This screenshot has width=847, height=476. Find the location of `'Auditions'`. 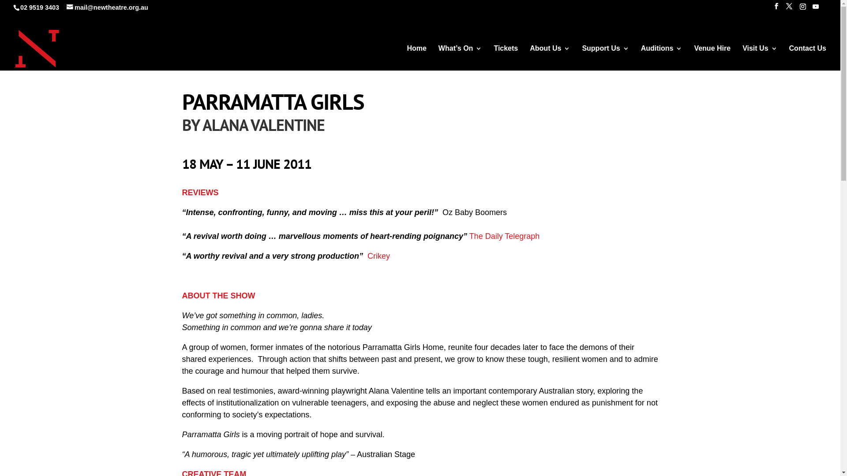

'Auditions' is located at coordinates (661, 59).